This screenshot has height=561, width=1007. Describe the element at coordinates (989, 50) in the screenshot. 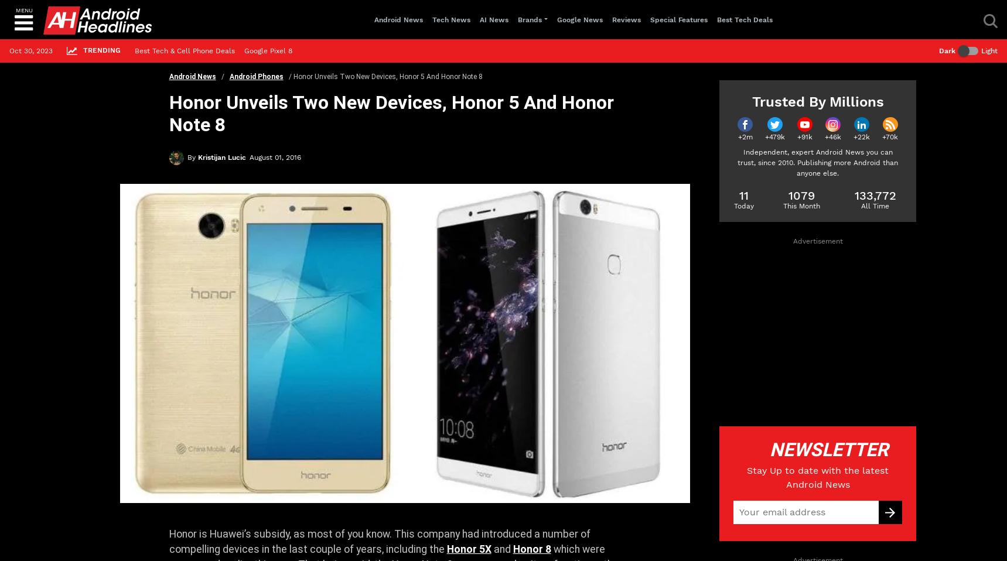

I see `'Light'` at that location.